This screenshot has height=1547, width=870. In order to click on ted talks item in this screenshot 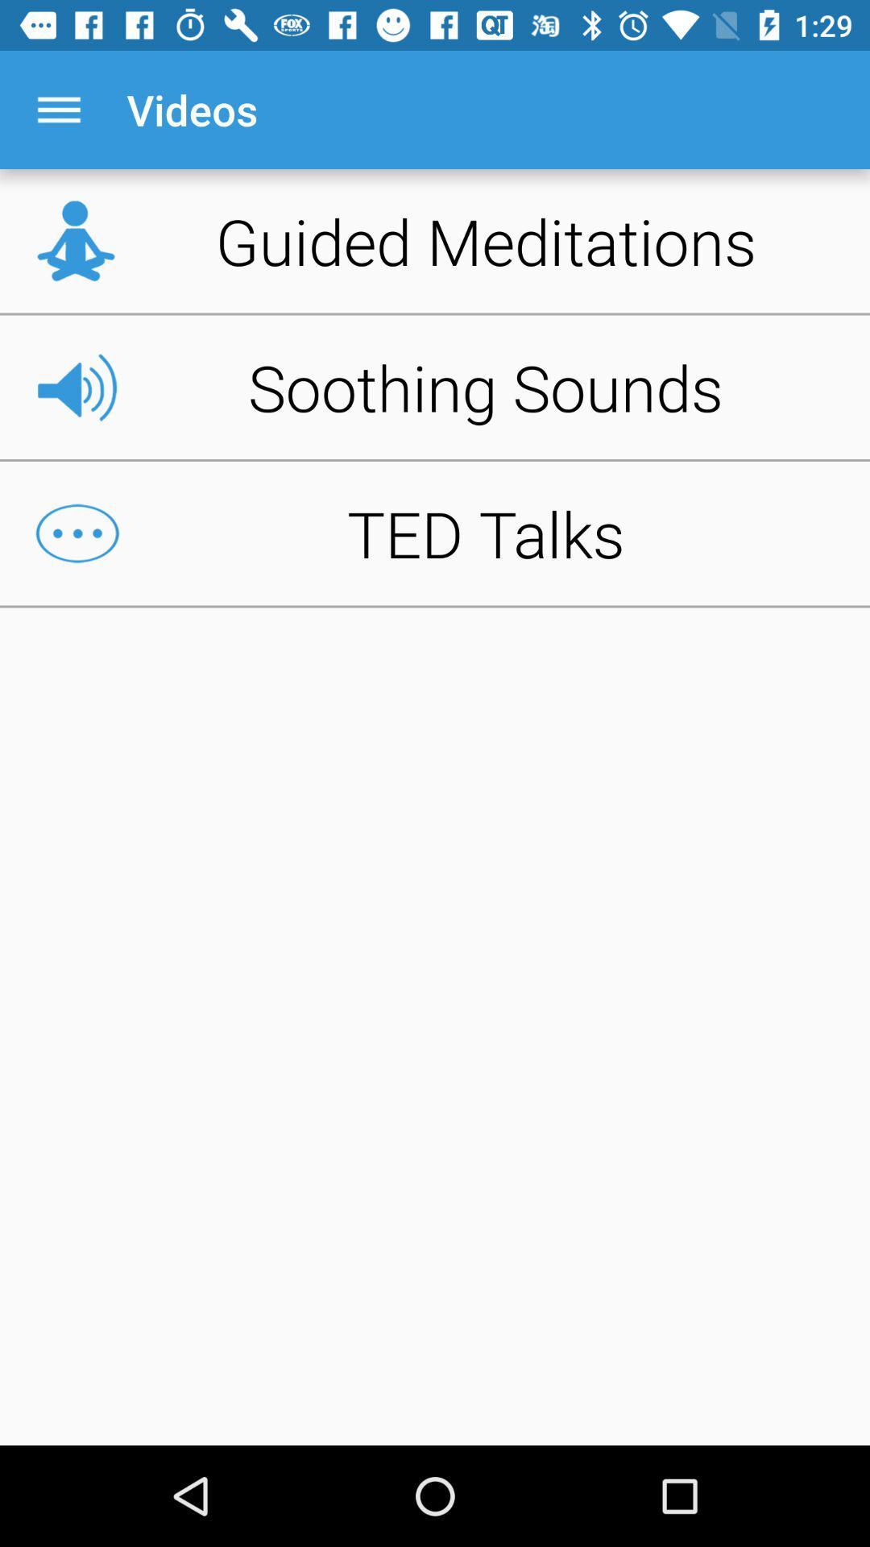, I will do `click(435, 533)`.